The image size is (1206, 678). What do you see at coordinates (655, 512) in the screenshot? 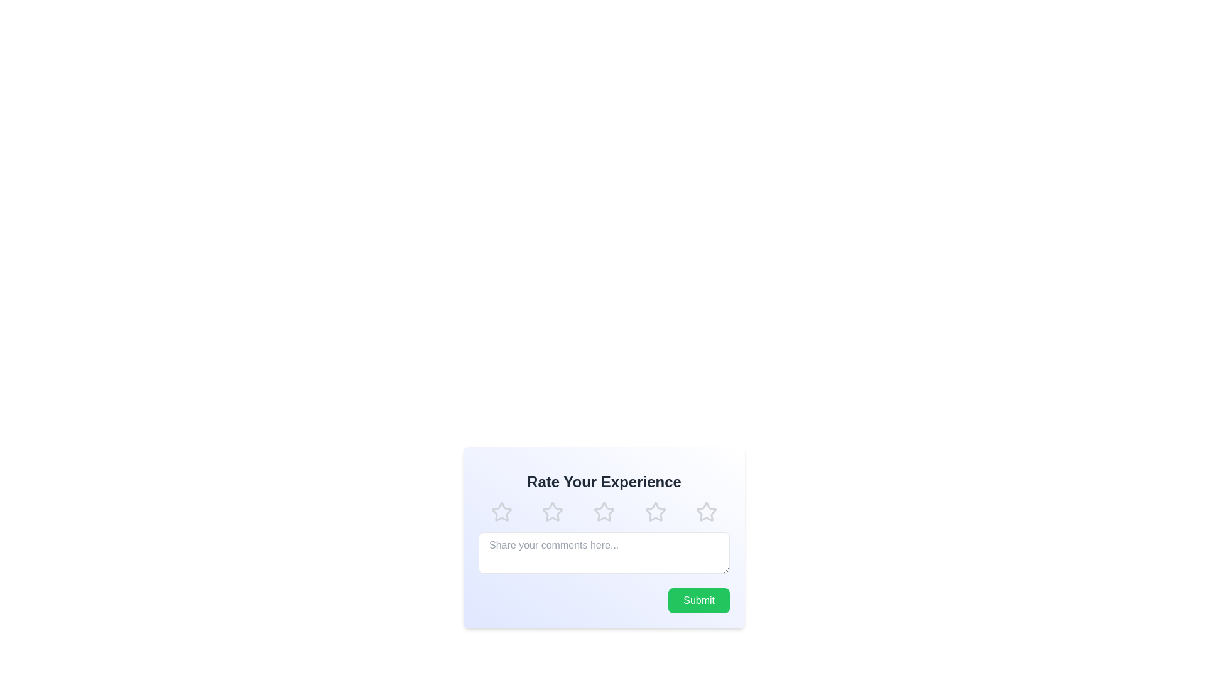
I see `the star rating to 4 stars` at bounding box center [655, 512].